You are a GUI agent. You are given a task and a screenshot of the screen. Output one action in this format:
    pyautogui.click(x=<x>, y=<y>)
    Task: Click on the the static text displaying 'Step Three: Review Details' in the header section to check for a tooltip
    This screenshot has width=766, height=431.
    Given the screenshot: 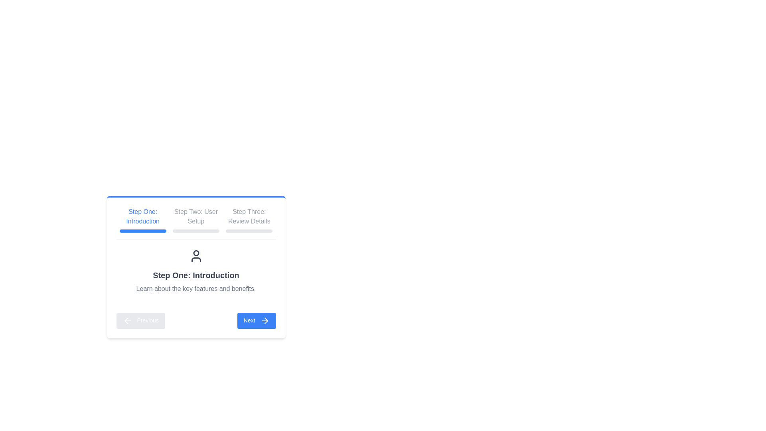 What is the action you would take?
    pyautogui.click(x=249, y=220)
    